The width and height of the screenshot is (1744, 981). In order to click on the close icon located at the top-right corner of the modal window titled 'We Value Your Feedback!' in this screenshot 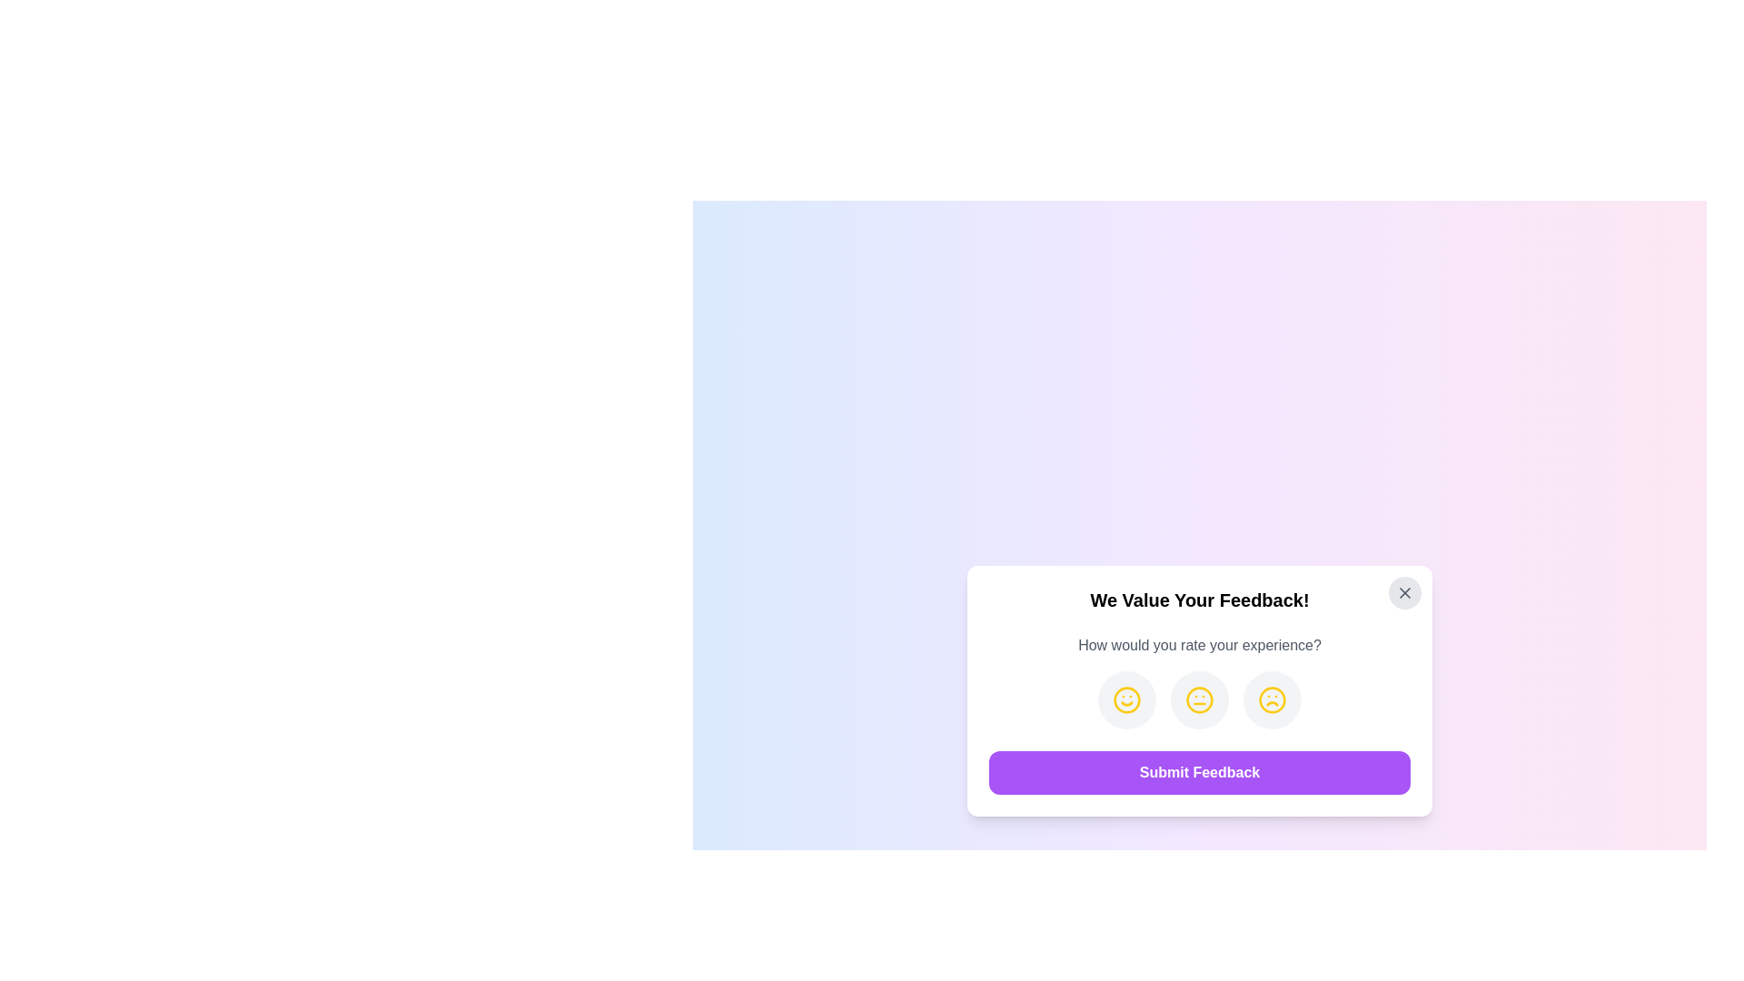, I will do `click(1403, 592)`.